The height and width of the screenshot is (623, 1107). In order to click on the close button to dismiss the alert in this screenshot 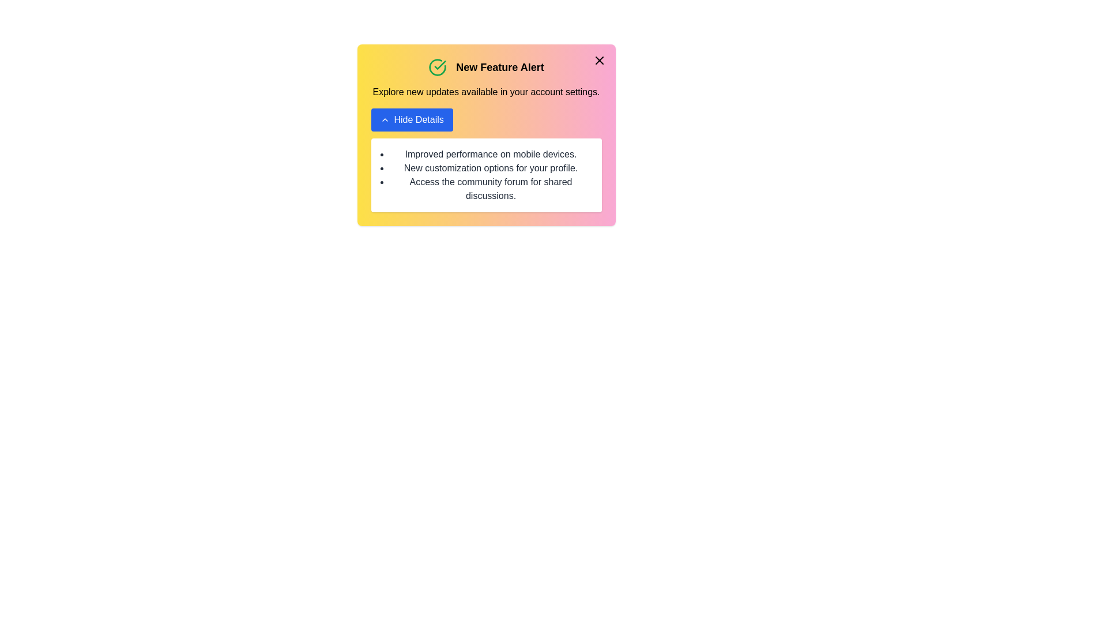, I will do `click(599, 60)`.